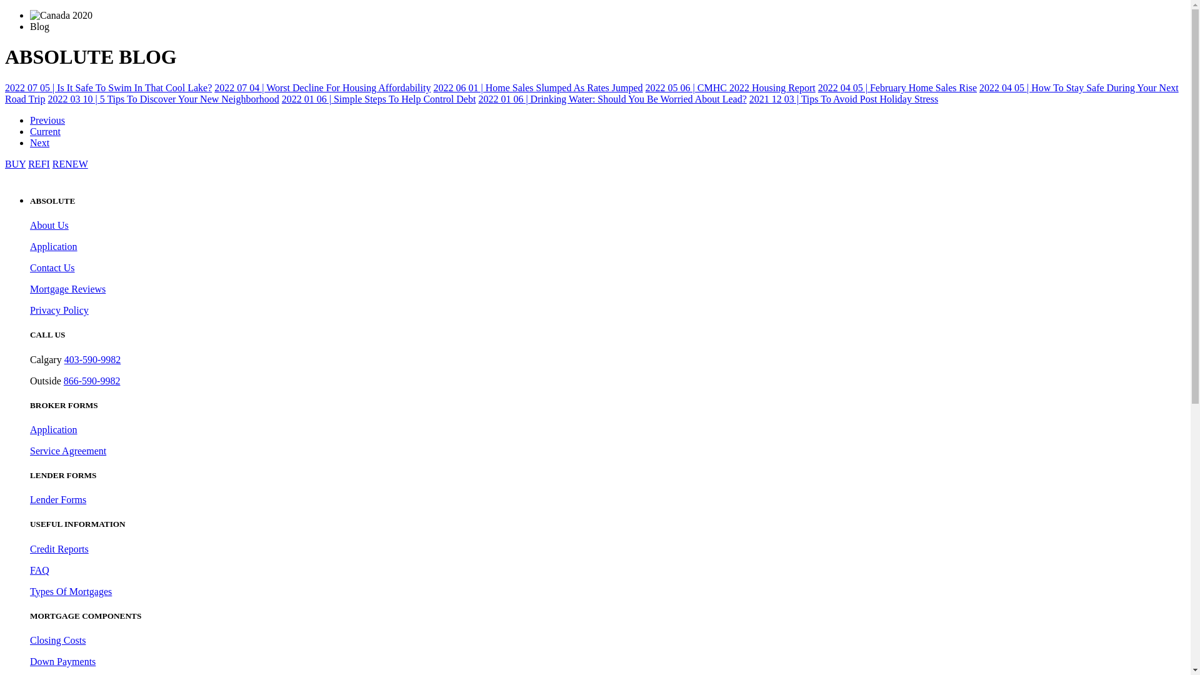  Describe the element at coordinates (51, 267) in the screenshot. I see `'Contact Us'` at that location.